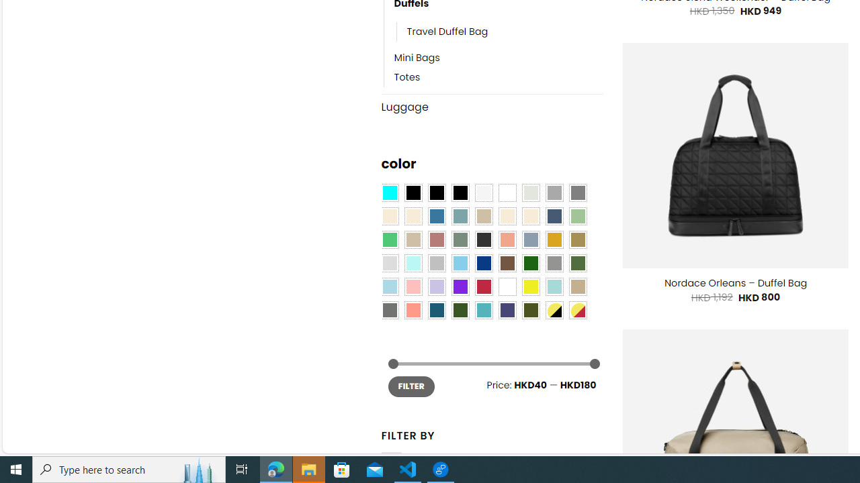 Image resolution: width=860 pixels, height=483 pixels. I want to click on 'Luggage', so click(491, 107).